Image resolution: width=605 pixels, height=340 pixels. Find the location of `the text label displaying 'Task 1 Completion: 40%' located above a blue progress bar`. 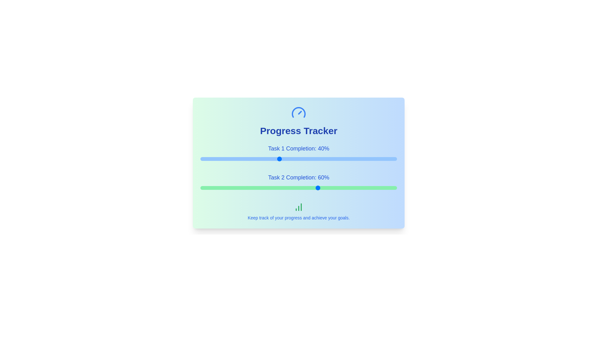

the text label displaying 'Task 1 Completion: 40%' located above a blue progress bar is located at coordinates (298, 154).